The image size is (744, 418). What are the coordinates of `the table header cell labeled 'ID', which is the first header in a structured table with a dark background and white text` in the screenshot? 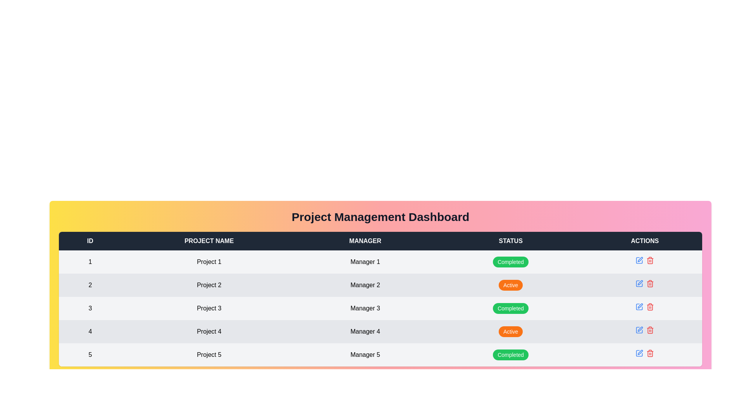 It's located at (90, 241).